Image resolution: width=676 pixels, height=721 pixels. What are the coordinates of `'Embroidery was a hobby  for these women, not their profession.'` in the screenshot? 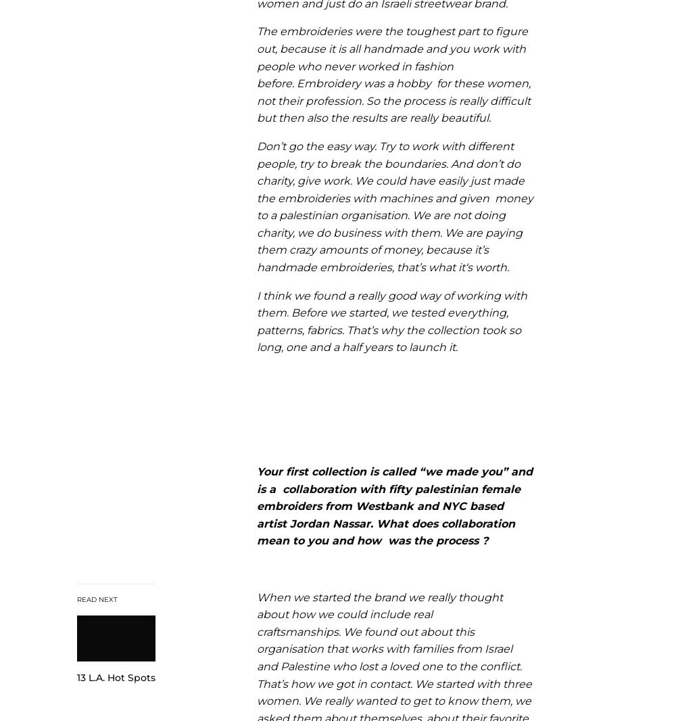 It's located at (393, 91).